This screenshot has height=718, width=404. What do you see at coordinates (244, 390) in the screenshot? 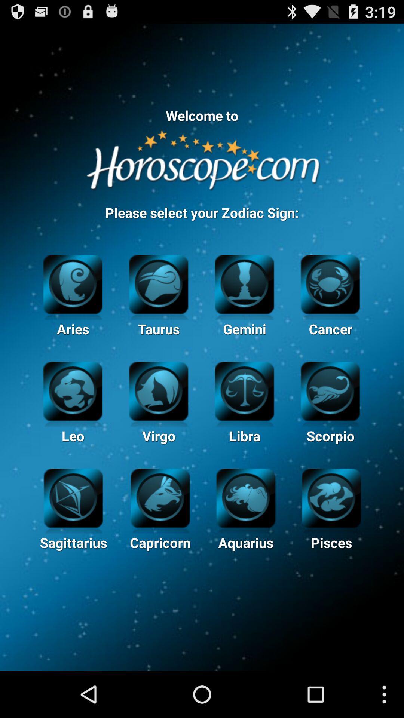
I see `the libra option` at bounding box center [244, 390].